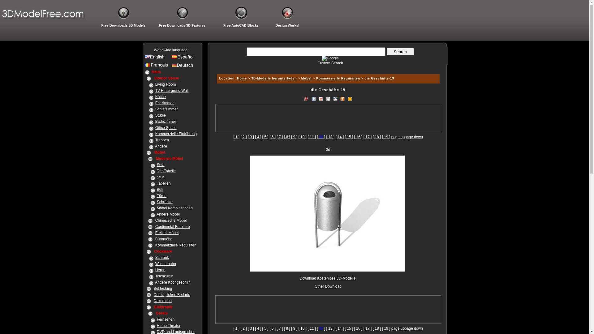 This screenshot has width=594, height=334. What do you see at coordinates (160, 189) in the screenshot?
I see `'Bett'` at bounding box center [160, 189].